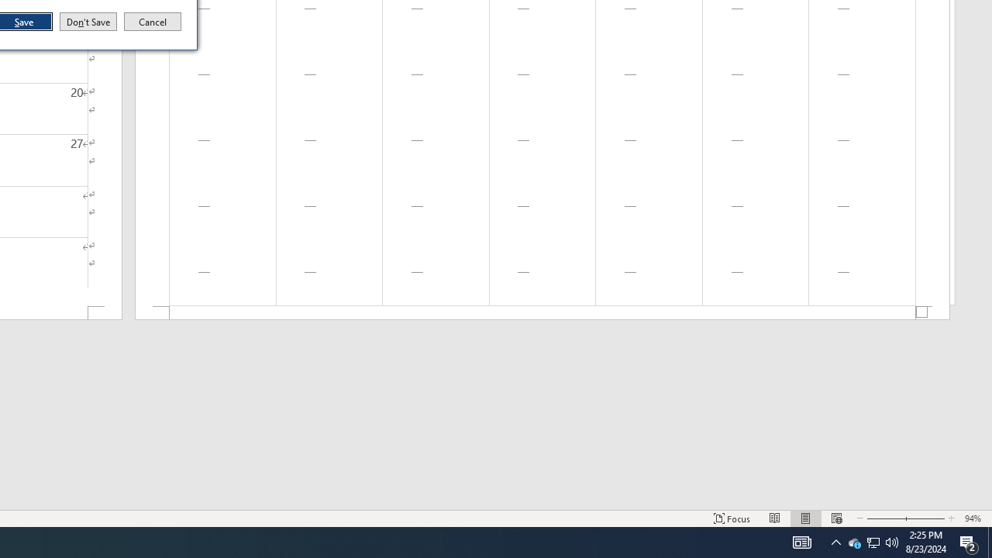 Image resolution: width=992 pixels, height=558 pixels. I want to click on 'AutomationID: 4105', so click(835, 541).